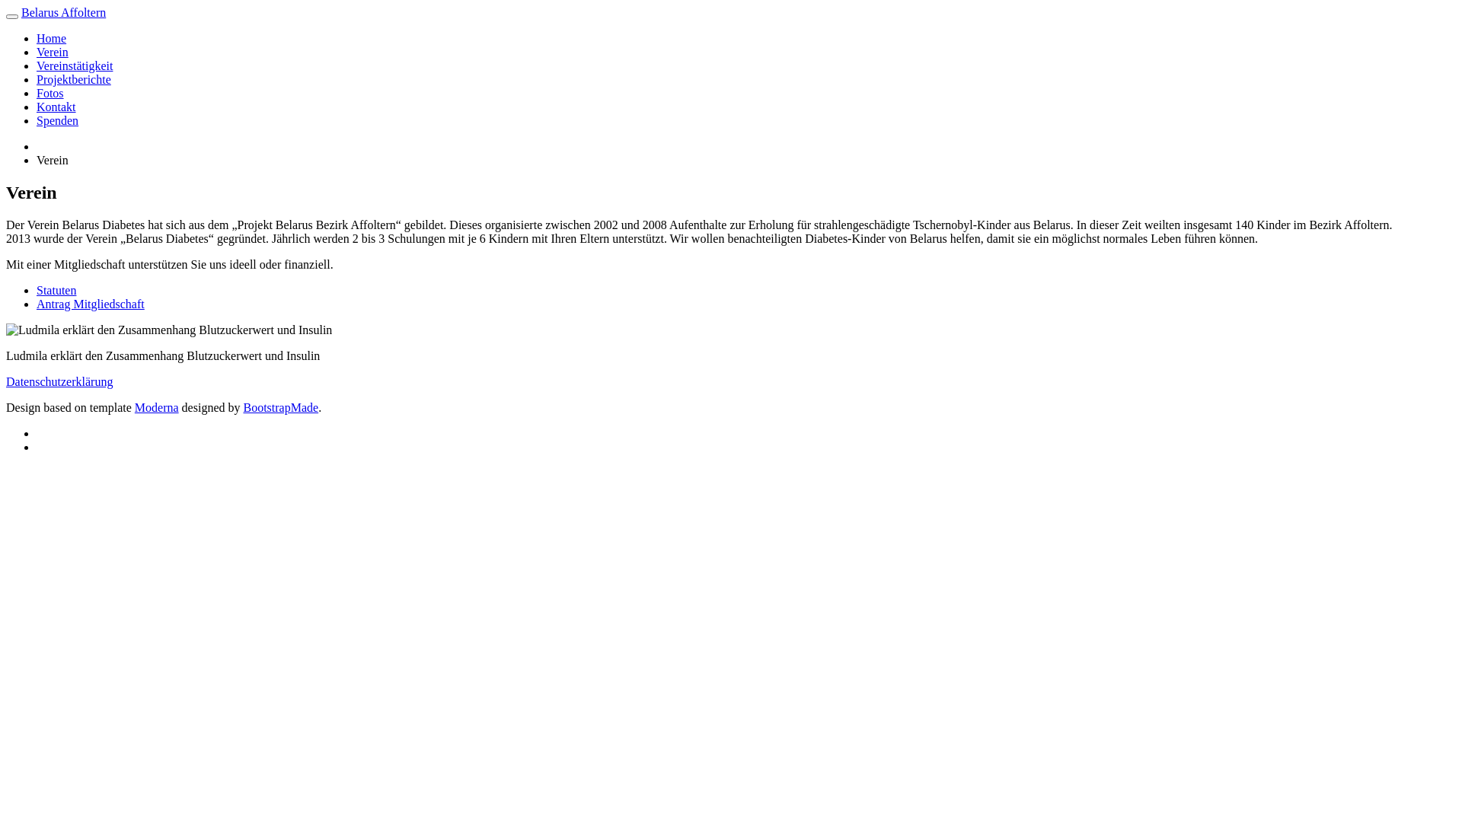 Image resolution: width=1462 pixels, height=822 pixels. What do you see at coordinates (50, 93) in the screenshot?
I see `'Fotos'` at bounding box center [50, 93].